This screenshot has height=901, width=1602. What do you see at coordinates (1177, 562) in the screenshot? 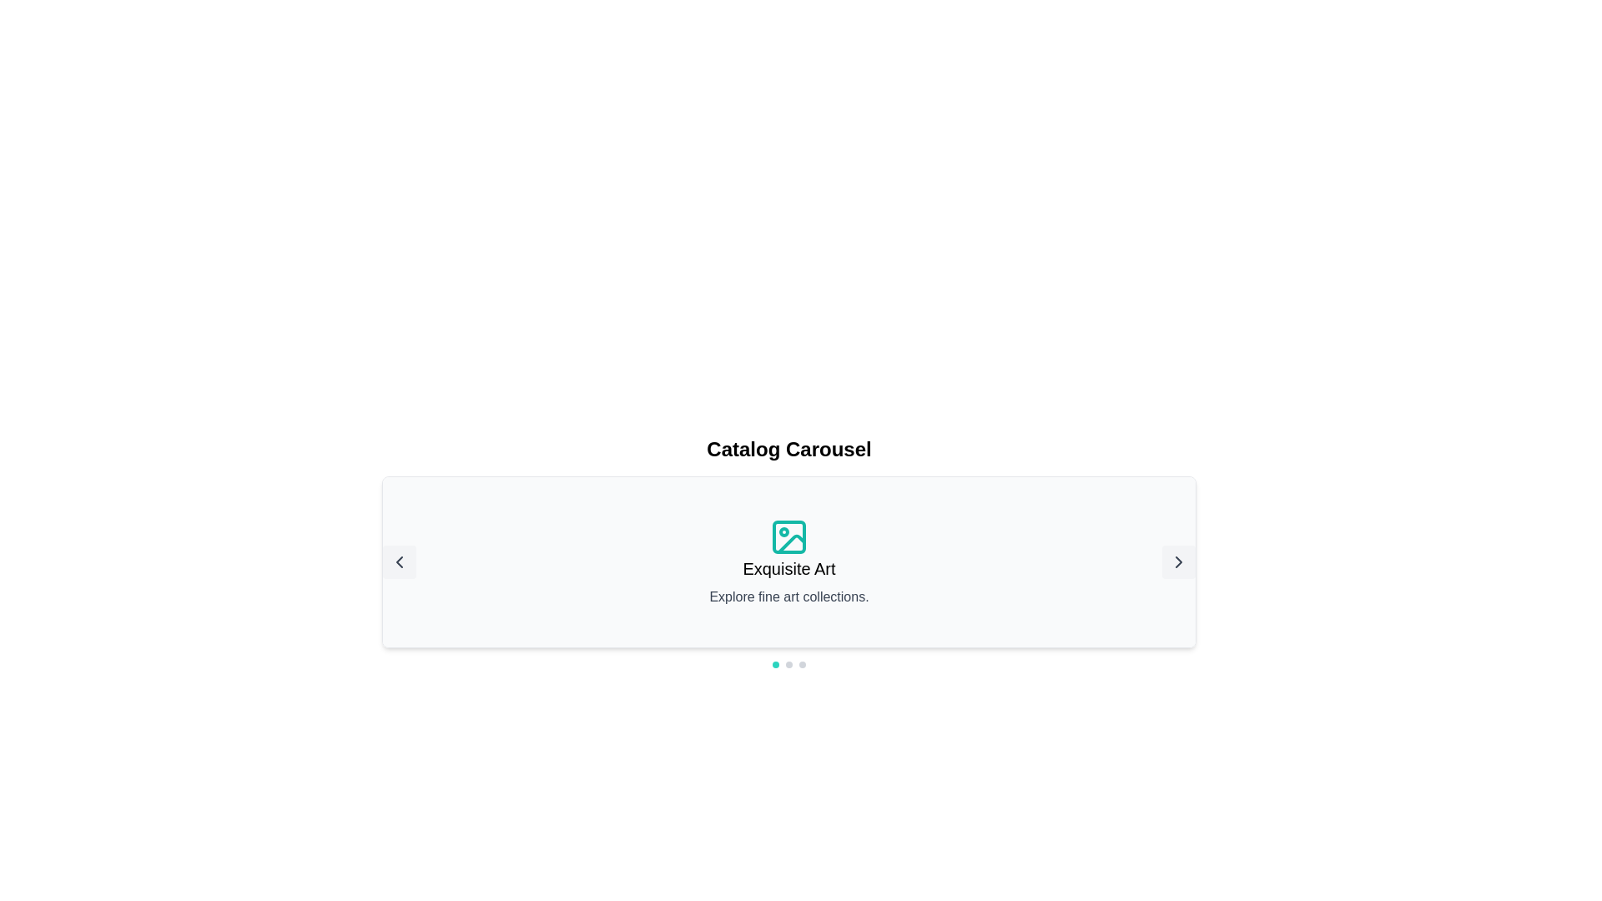
I see `the right-facing chevron button within the carousel navigation system` at bounding box center [1177, 562].